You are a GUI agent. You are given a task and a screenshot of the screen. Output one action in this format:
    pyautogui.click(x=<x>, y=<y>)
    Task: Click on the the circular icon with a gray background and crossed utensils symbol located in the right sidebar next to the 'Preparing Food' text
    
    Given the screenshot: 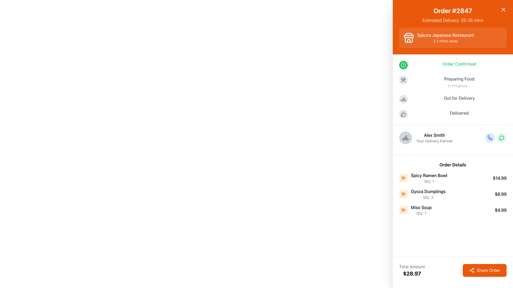 What is the action you would take?
    pyautogui.click(x=403, y=80)
    